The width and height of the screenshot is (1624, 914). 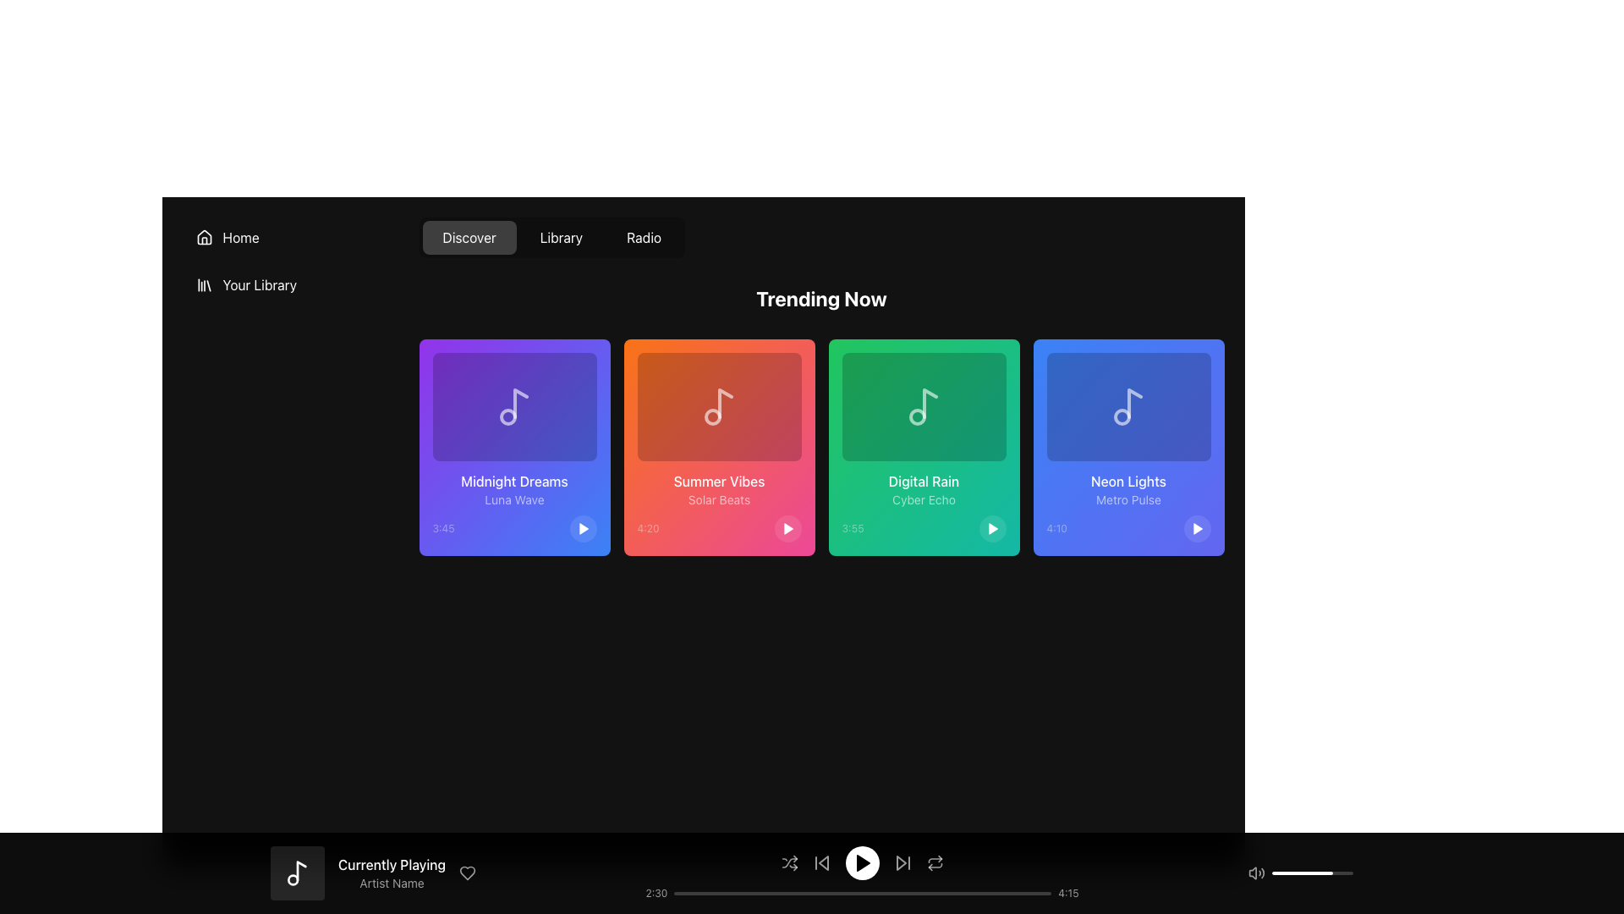 What do you see at coordinates (1253, 873) in the screenshot?
I see `the volume control icon located in the bottom-right section of the audio playback interface` at bounding box center [1253, 873].